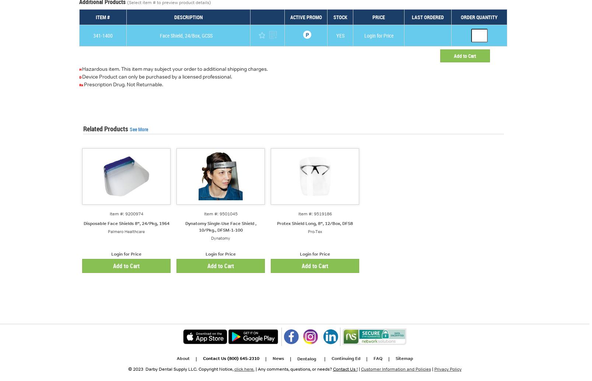 The height and width of the screenshot is (381, 592). What do you see at coordinates (123, 84) in the screenshot?
I see `'Prescription Drug. Not Returnable.'` at bounding box center [123, 84].